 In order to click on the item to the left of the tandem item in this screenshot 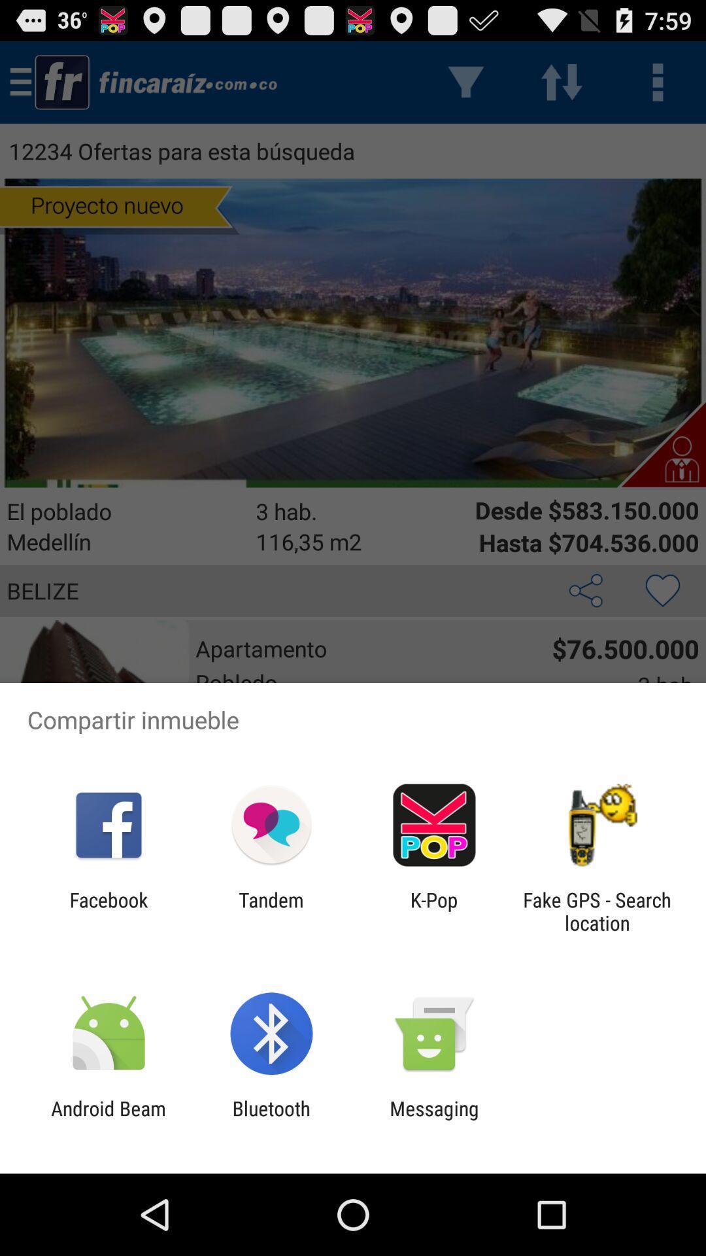, I will do `click(108, 911)`.